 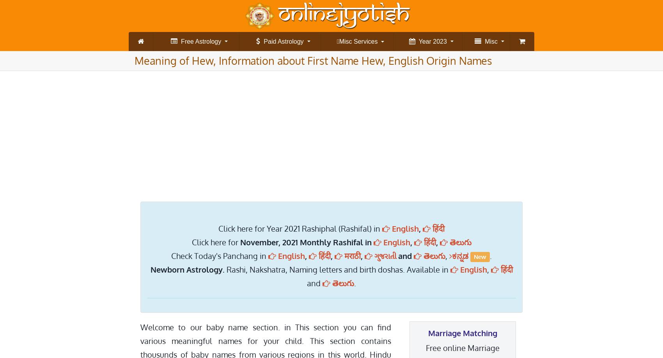 What do you see at coordinates (474, 99) in the screenshot?
I see `'ગુજરાતિ રાશિફાલ (વાર્ષિક)'` at bounding box center [474, 99].